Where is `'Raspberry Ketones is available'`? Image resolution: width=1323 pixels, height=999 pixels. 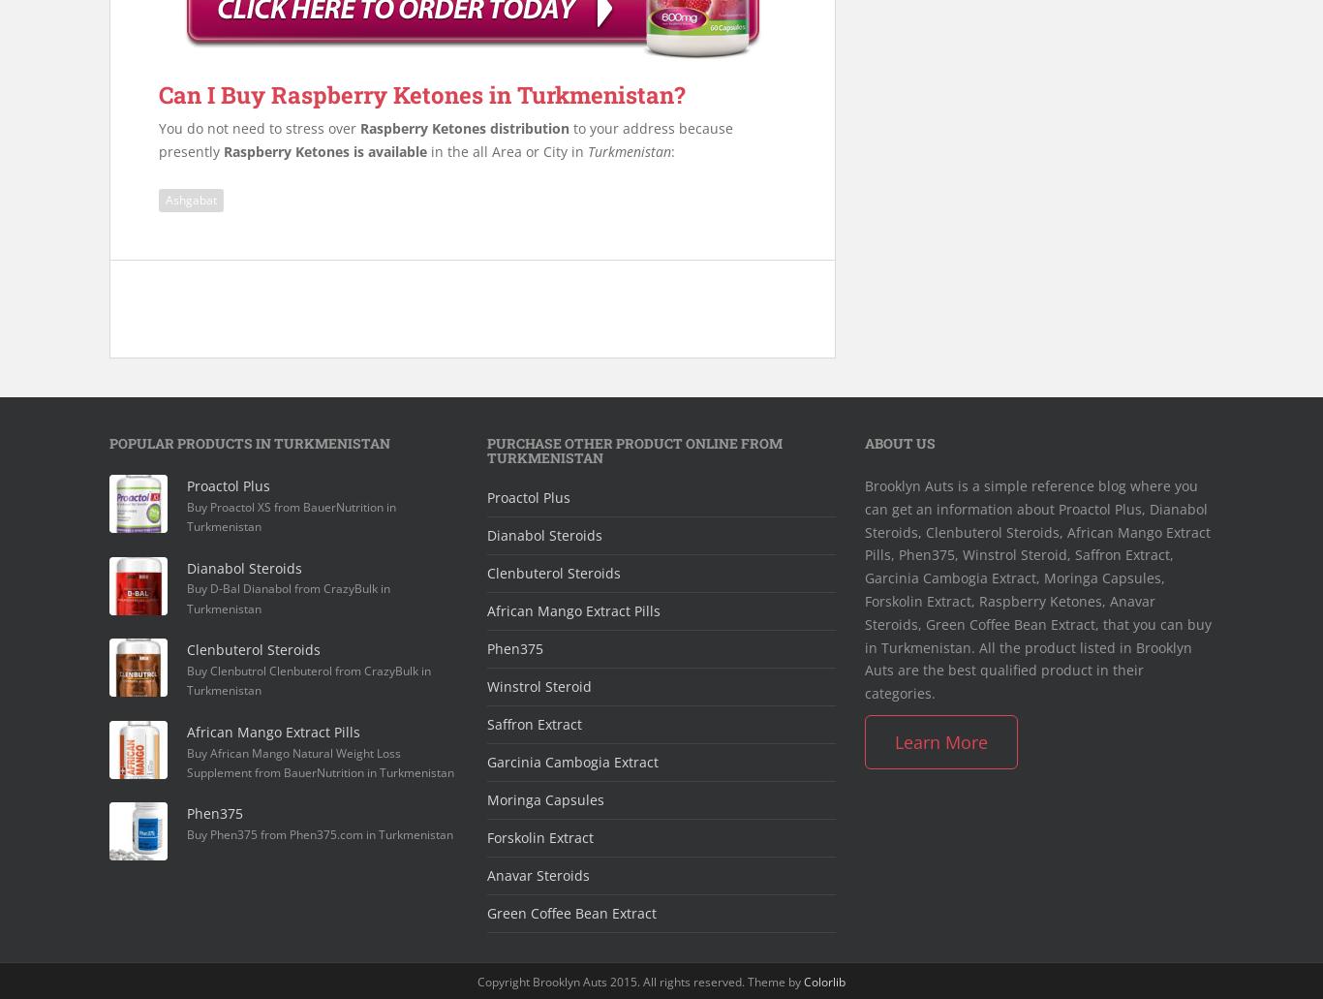
'Raspberry Ketones is available' is located at coordinates (325, 149).